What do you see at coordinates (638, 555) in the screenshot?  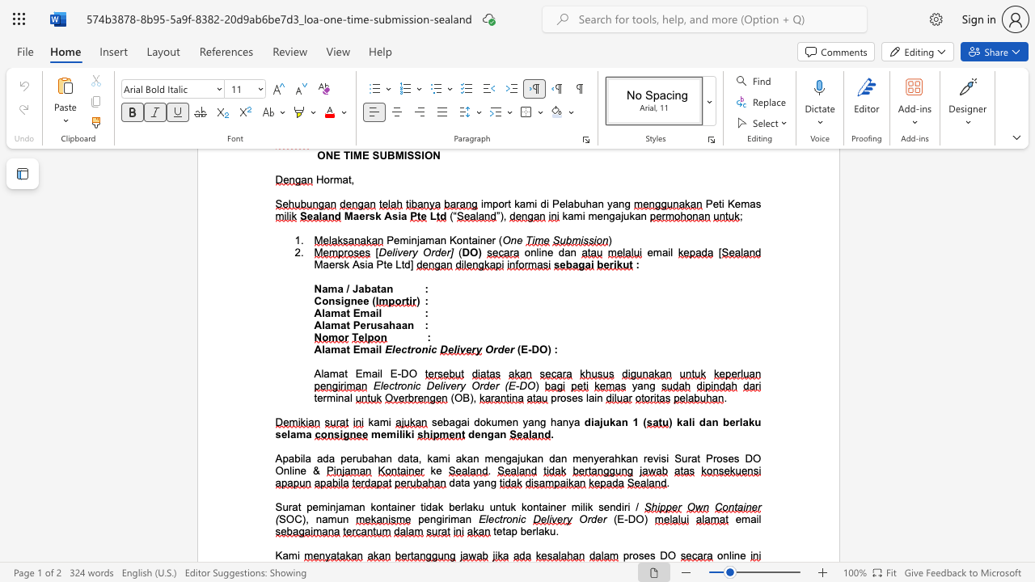 I see `the subset text "se" within the text "proses DO"` at bounding box center [638, 555].